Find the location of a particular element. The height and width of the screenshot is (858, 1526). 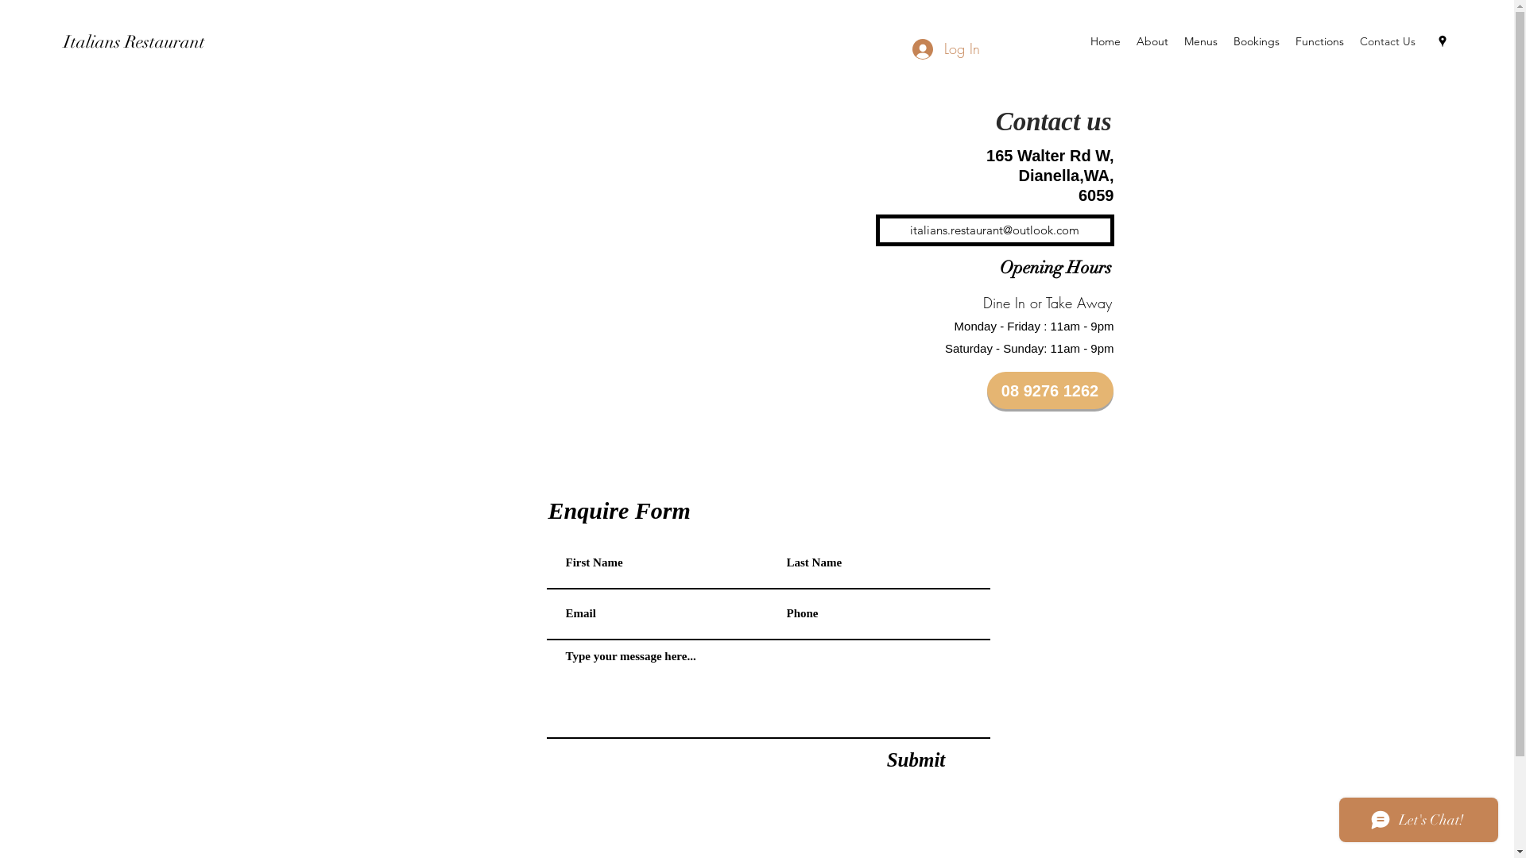

'italians.restaurant@outlook.com' is located at coordinates (994, 230).